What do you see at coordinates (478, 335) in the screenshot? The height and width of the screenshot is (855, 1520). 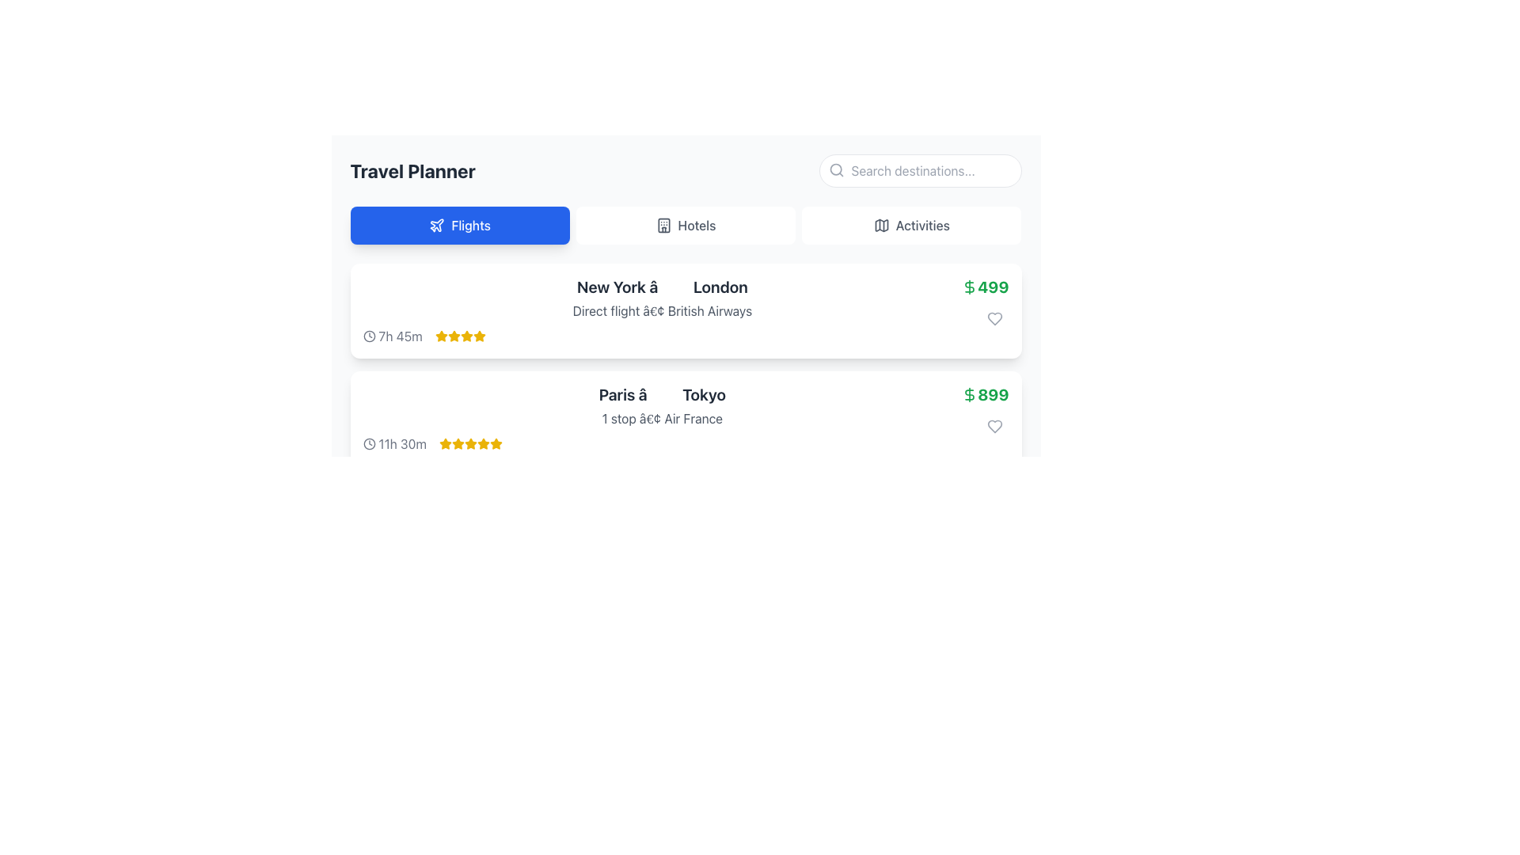 I see `the fifth star icon in the 5-star rating system located in the flight details section of the first result card under the 'Flights' tab` at bounding box center [478, 335].